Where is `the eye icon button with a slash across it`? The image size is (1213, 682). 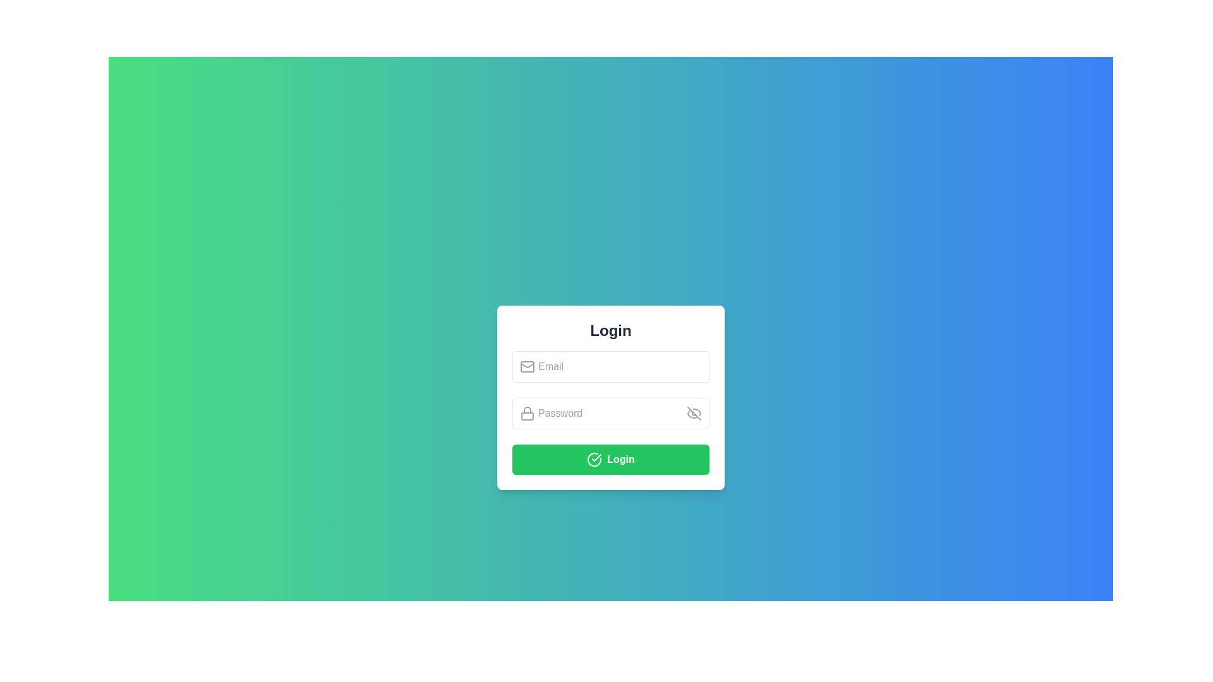 the eye icon button with a slash across it is located at coordinates (694, 413).